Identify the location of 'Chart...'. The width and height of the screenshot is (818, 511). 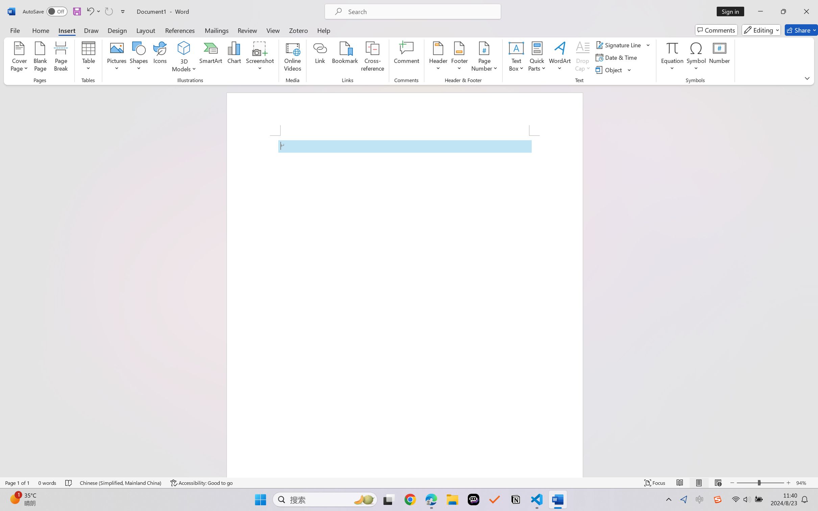
(234, 57).